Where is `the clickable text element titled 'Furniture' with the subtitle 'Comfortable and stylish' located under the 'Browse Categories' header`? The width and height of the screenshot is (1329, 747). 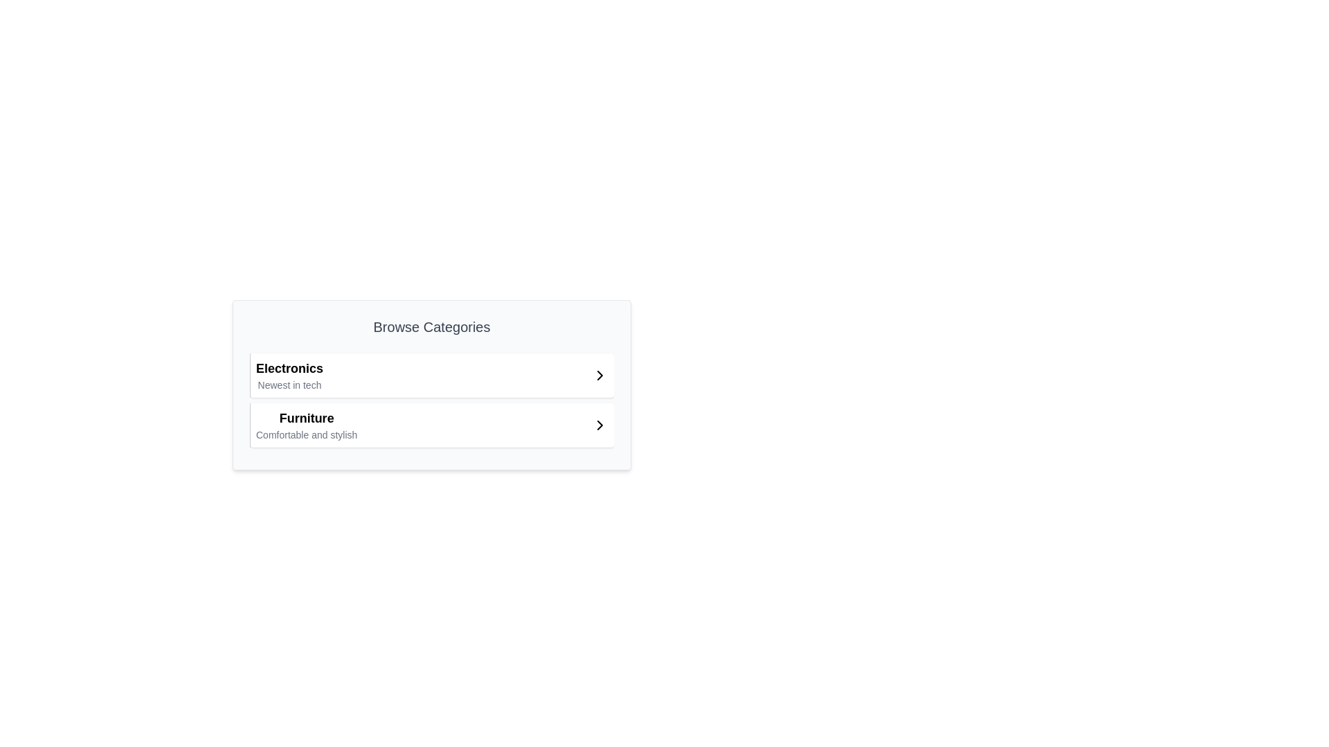
the clickable text element titled 'Furniture' with the subtitle 'Comfortable and stylish' located under the 'Browse Categories' header is located at coordinates (306, 424).